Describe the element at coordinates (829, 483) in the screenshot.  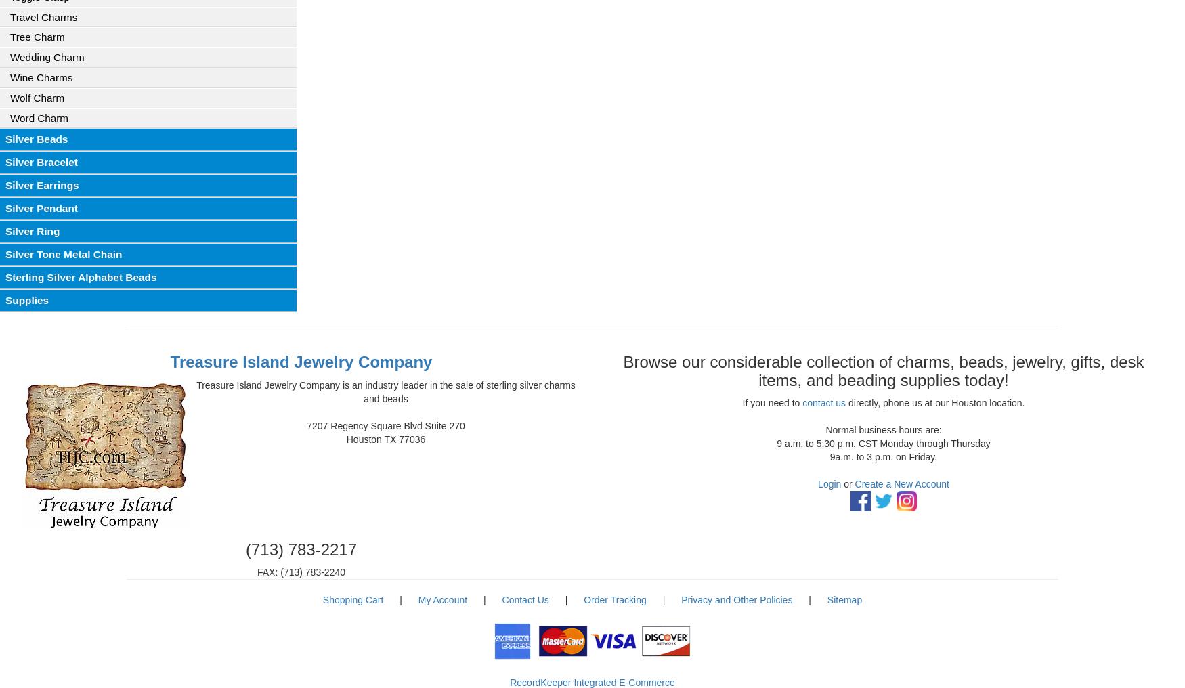
I see `'Login'` at that location.